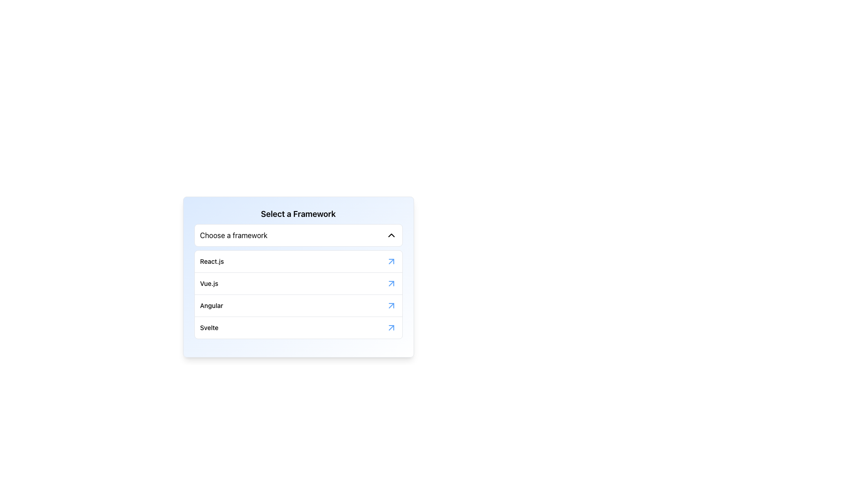 Image resolution: width=866 pixels, height=487 pixels. I want to click on the blue right-upward arrow icon located at the far right end of the React.js dropdown list, so click(391, 261).